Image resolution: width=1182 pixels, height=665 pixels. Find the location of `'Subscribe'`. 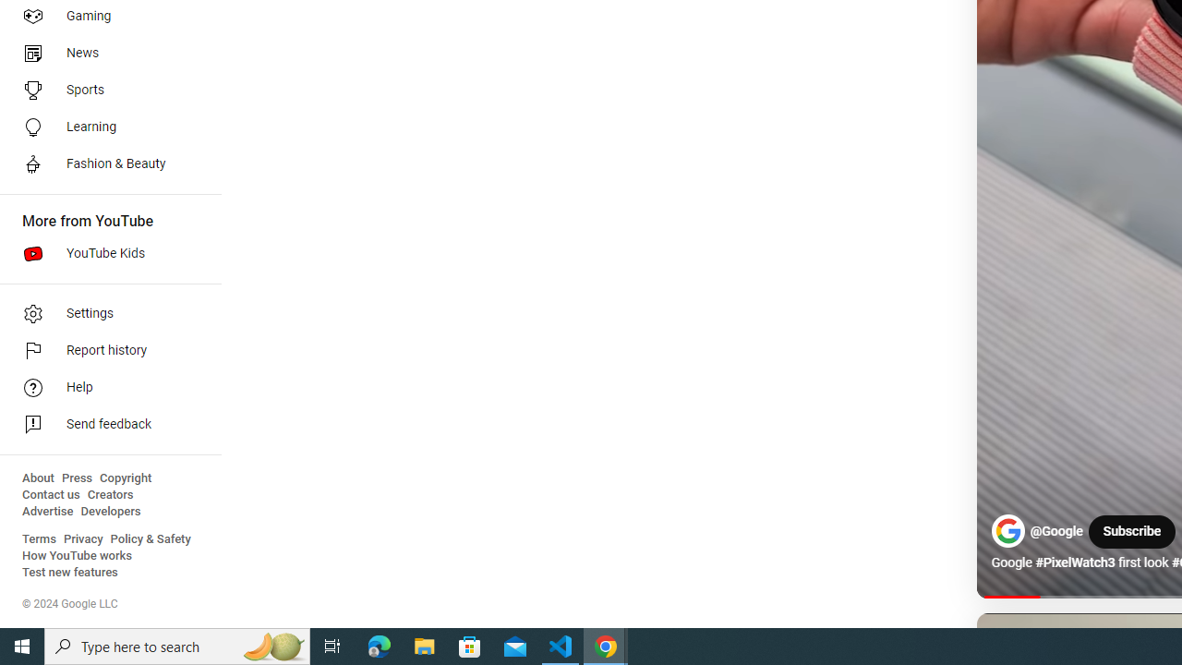

'Subscribe' is located at coordinates (1130, 532).